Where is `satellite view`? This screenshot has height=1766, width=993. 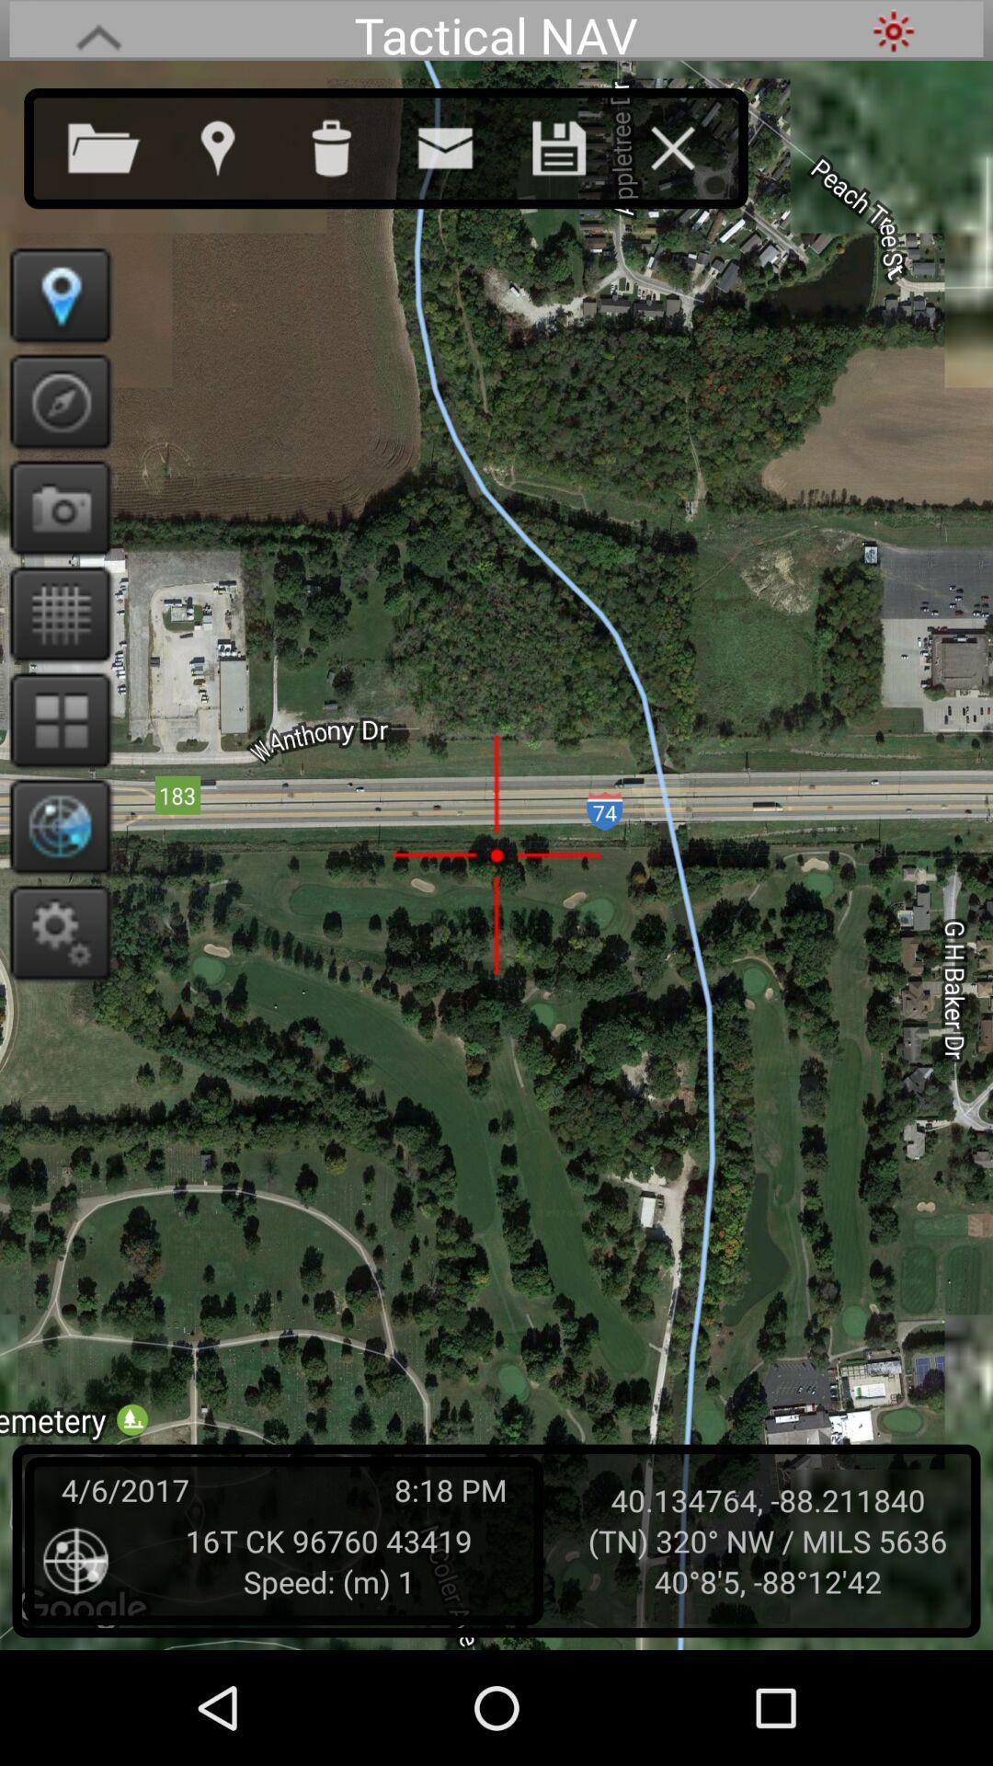 satellite view is located at coordinates (53, 825).